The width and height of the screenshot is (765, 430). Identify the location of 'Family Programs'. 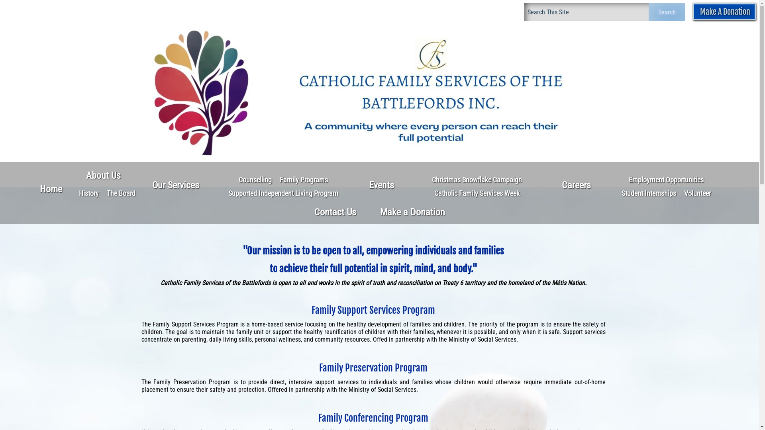
(303, 180).